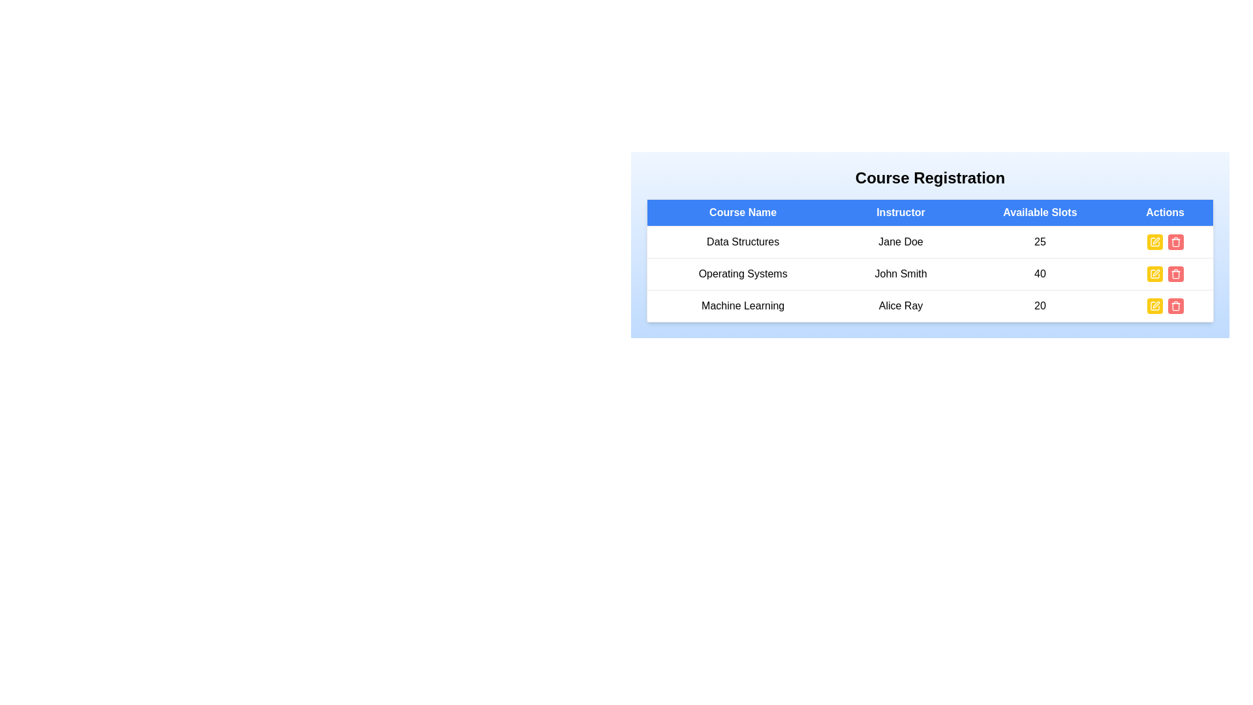 Image resolution: width=1253 pixels, height=705 pixels. Describe the element at coordinates (1165, 212) in the screenshot. I see `the header column 'Actions' to sort the table by that column` at that location.